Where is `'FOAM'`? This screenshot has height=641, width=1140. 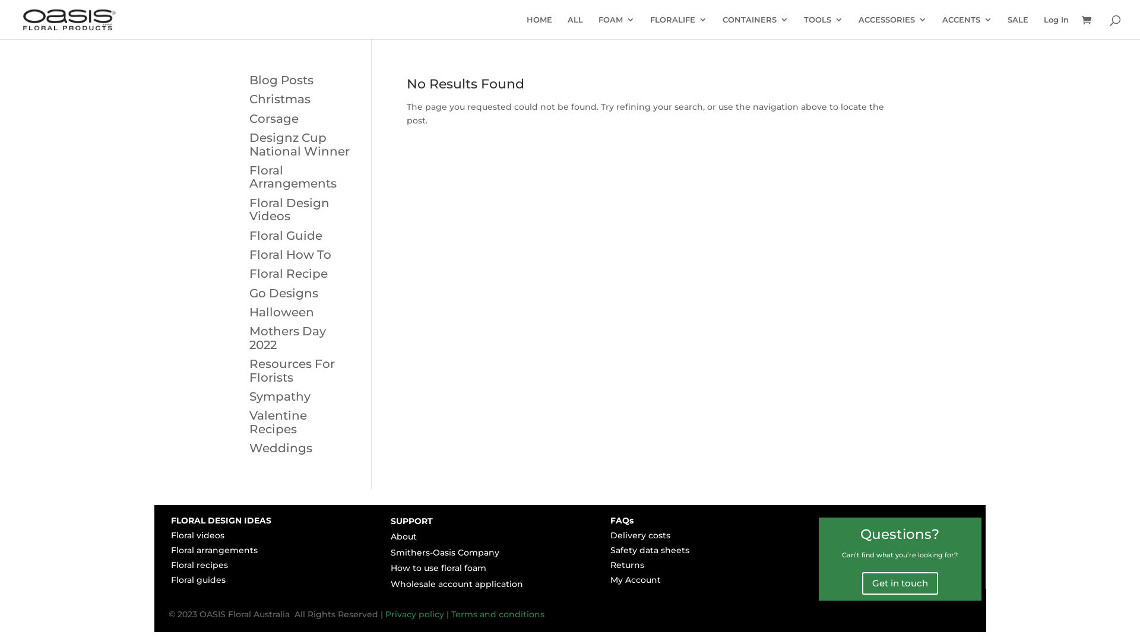
'FOAM' is located at coordinates (598, 27).